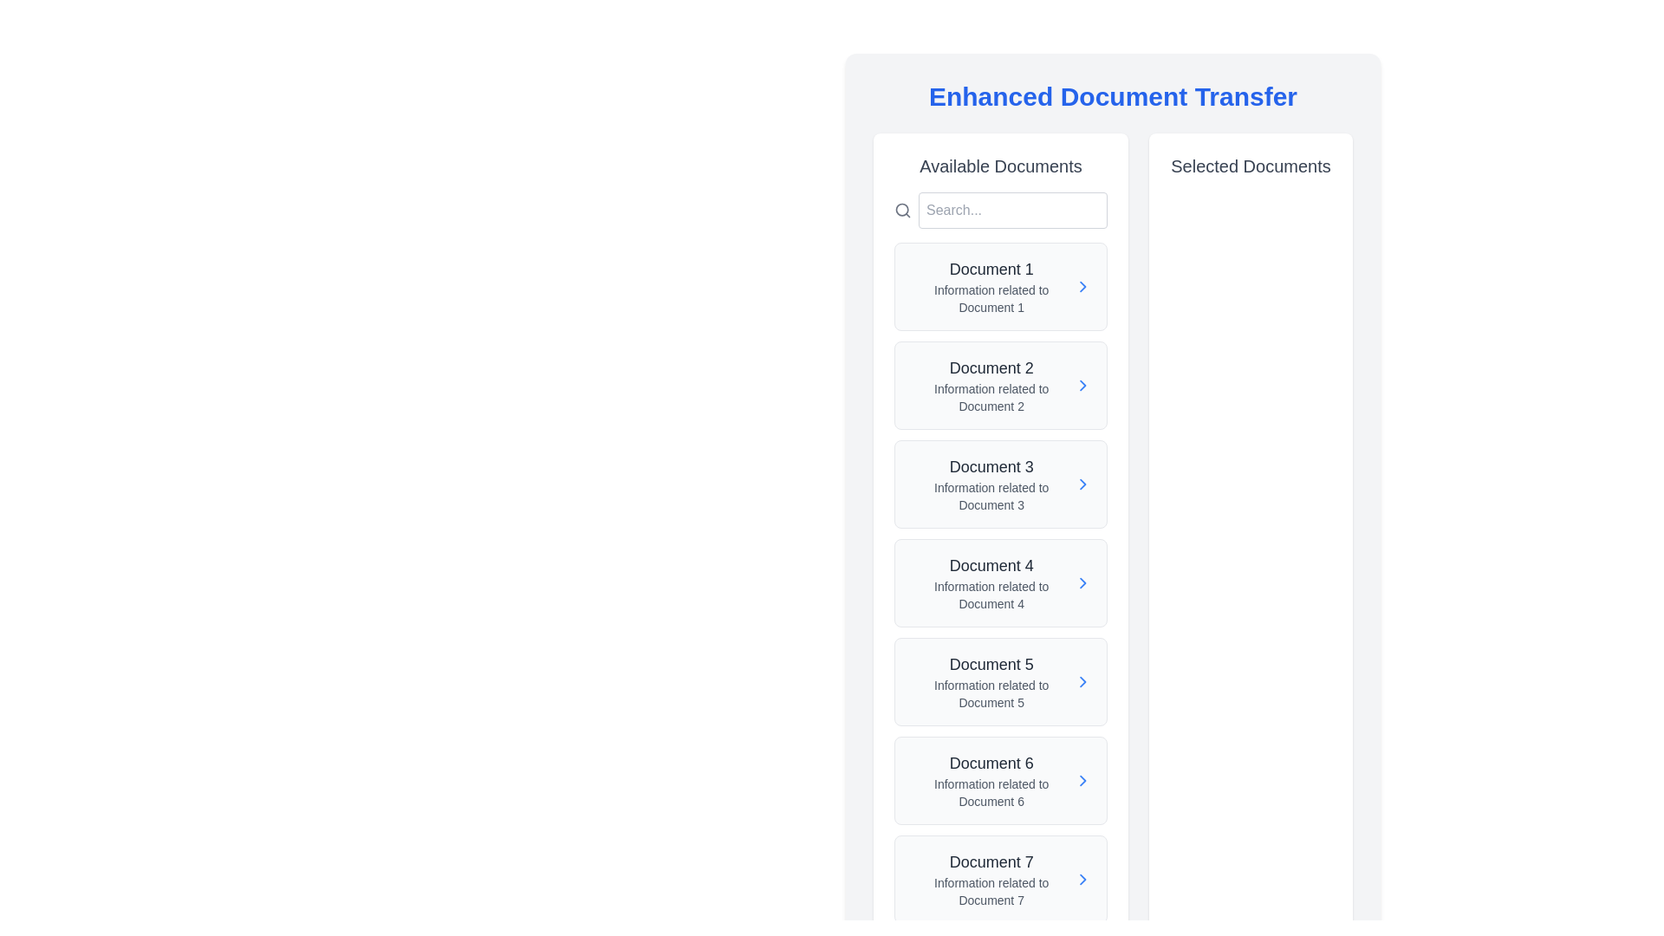 The image size is (1664, 936). I want to click on title 'Document 1' and the description 'Information related to Document 1' from the Text block element located in the 'Available Documents' column, so click(991, 286).